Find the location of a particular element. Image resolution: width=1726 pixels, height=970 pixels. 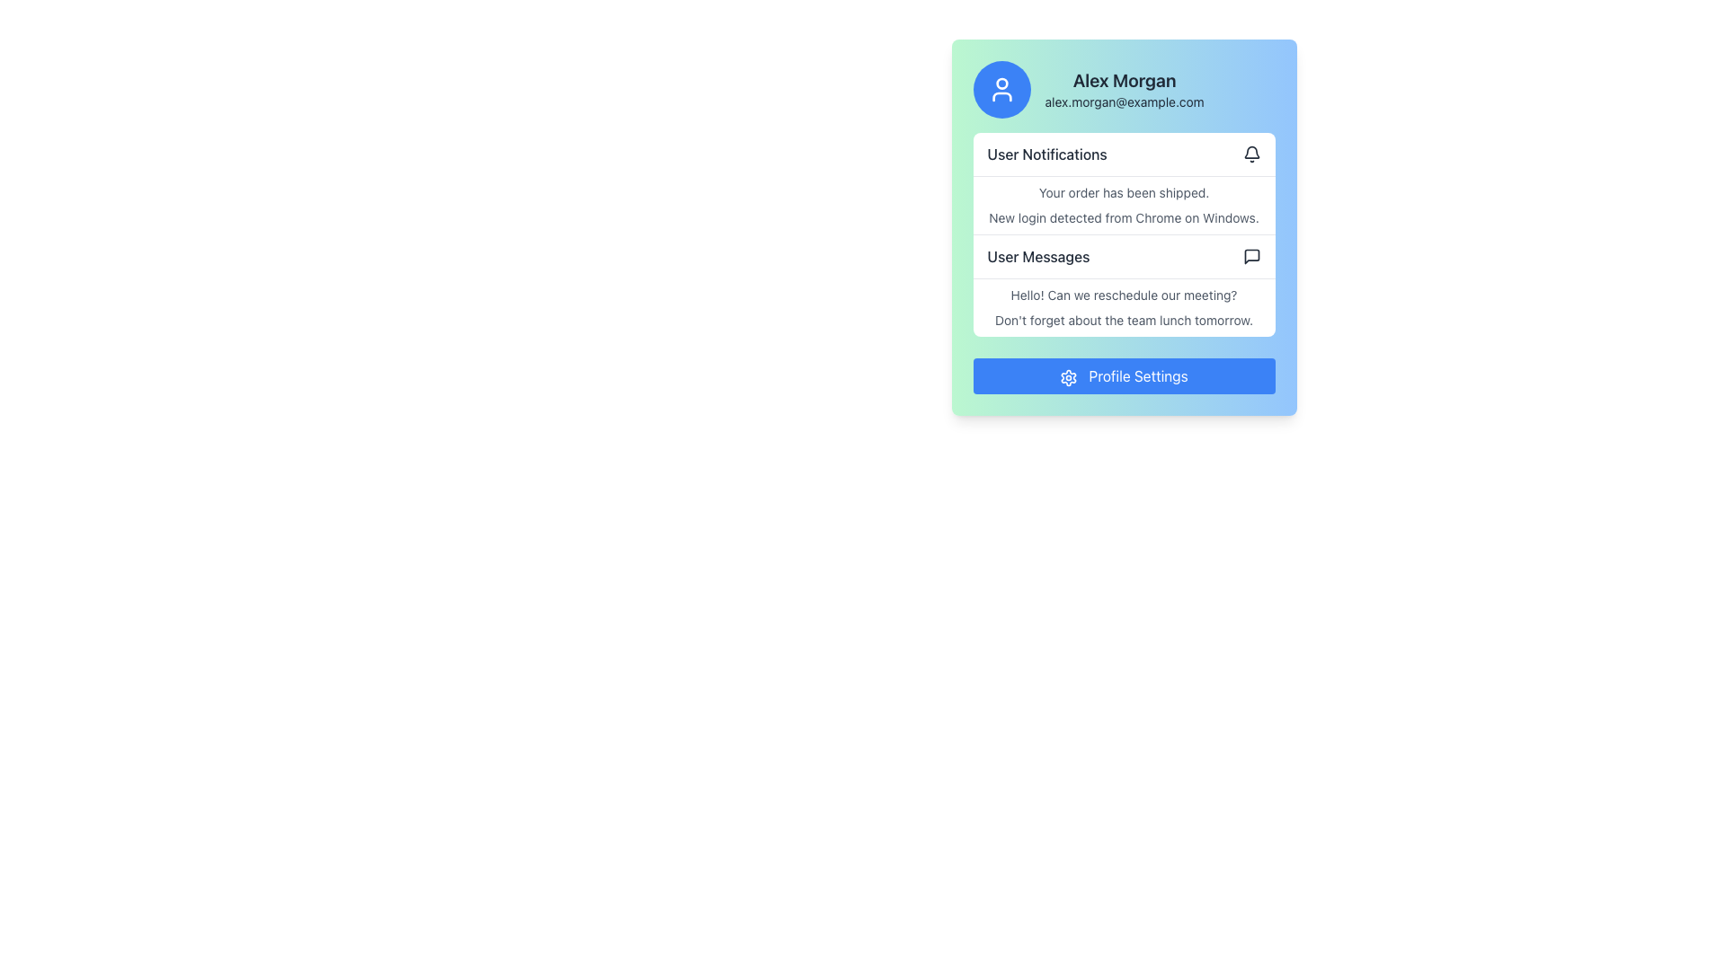

the third interactive item in the vertical list that provides access to user messages is located at coordinates (1123, 256).